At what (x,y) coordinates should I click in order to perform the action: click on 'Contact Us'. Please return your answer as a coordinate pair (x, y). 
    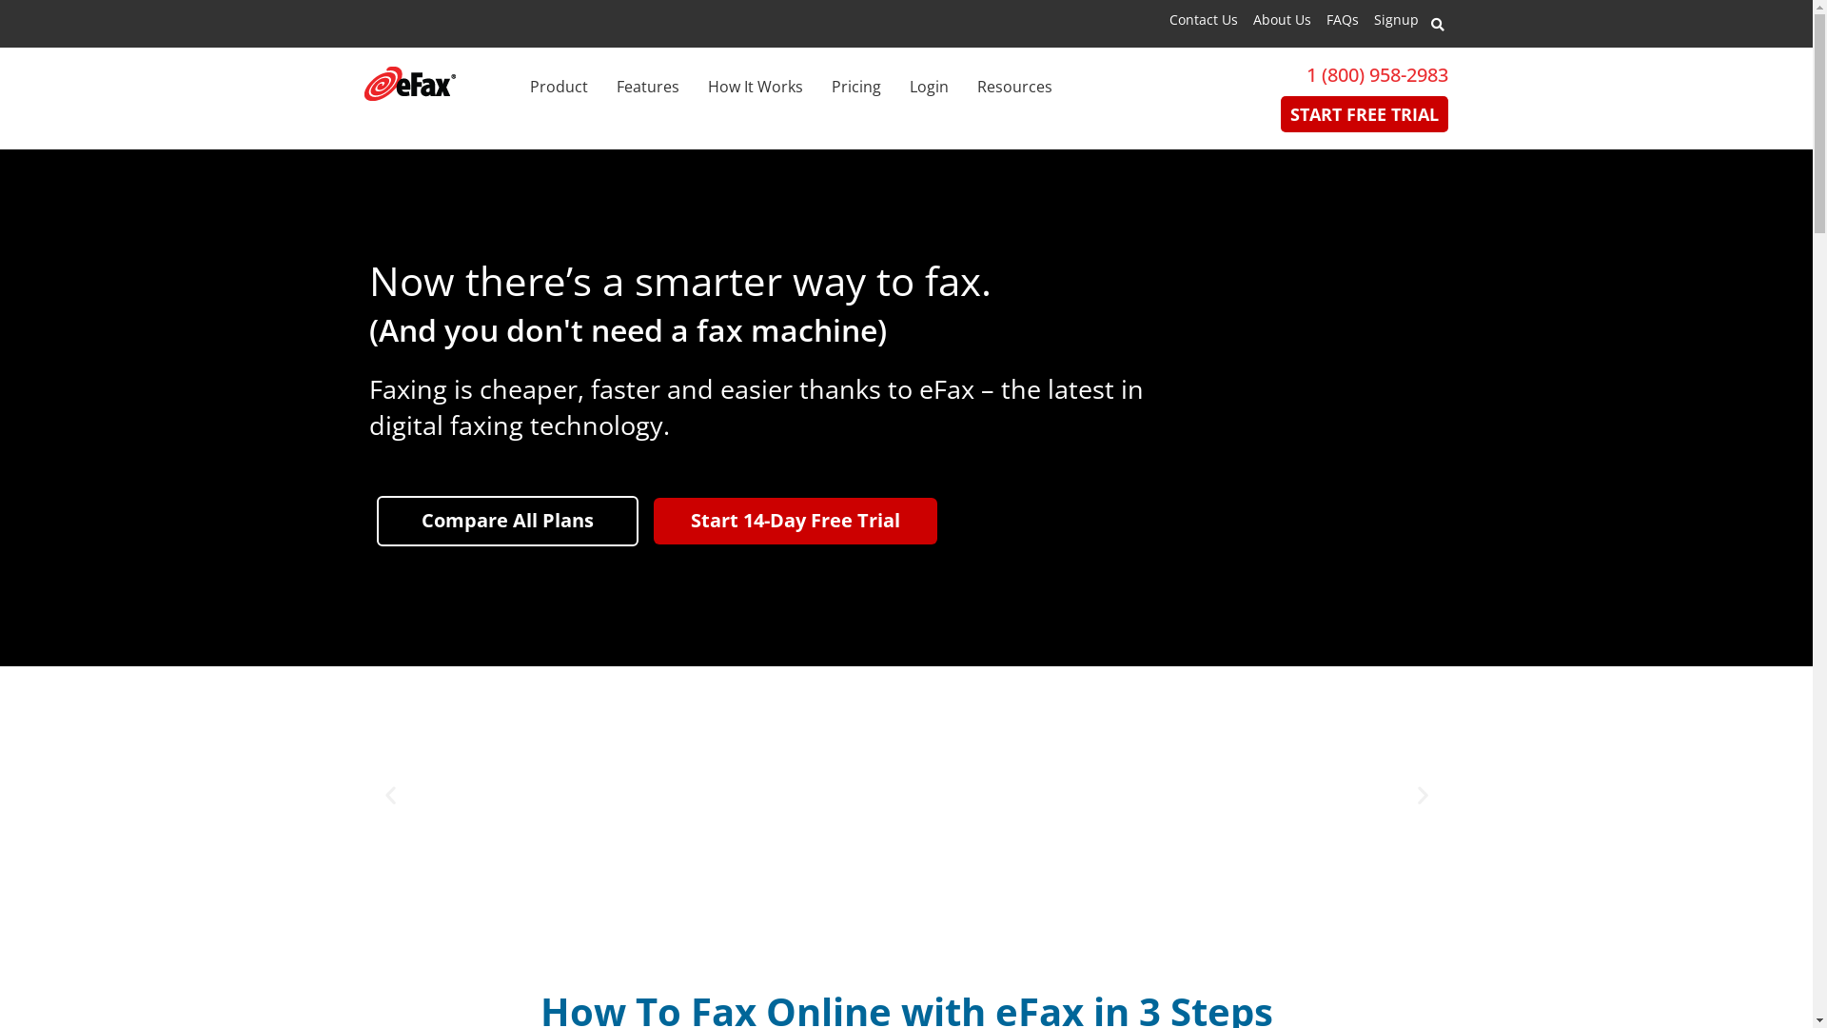
    Looking at the image, I should click on (1201, 19).